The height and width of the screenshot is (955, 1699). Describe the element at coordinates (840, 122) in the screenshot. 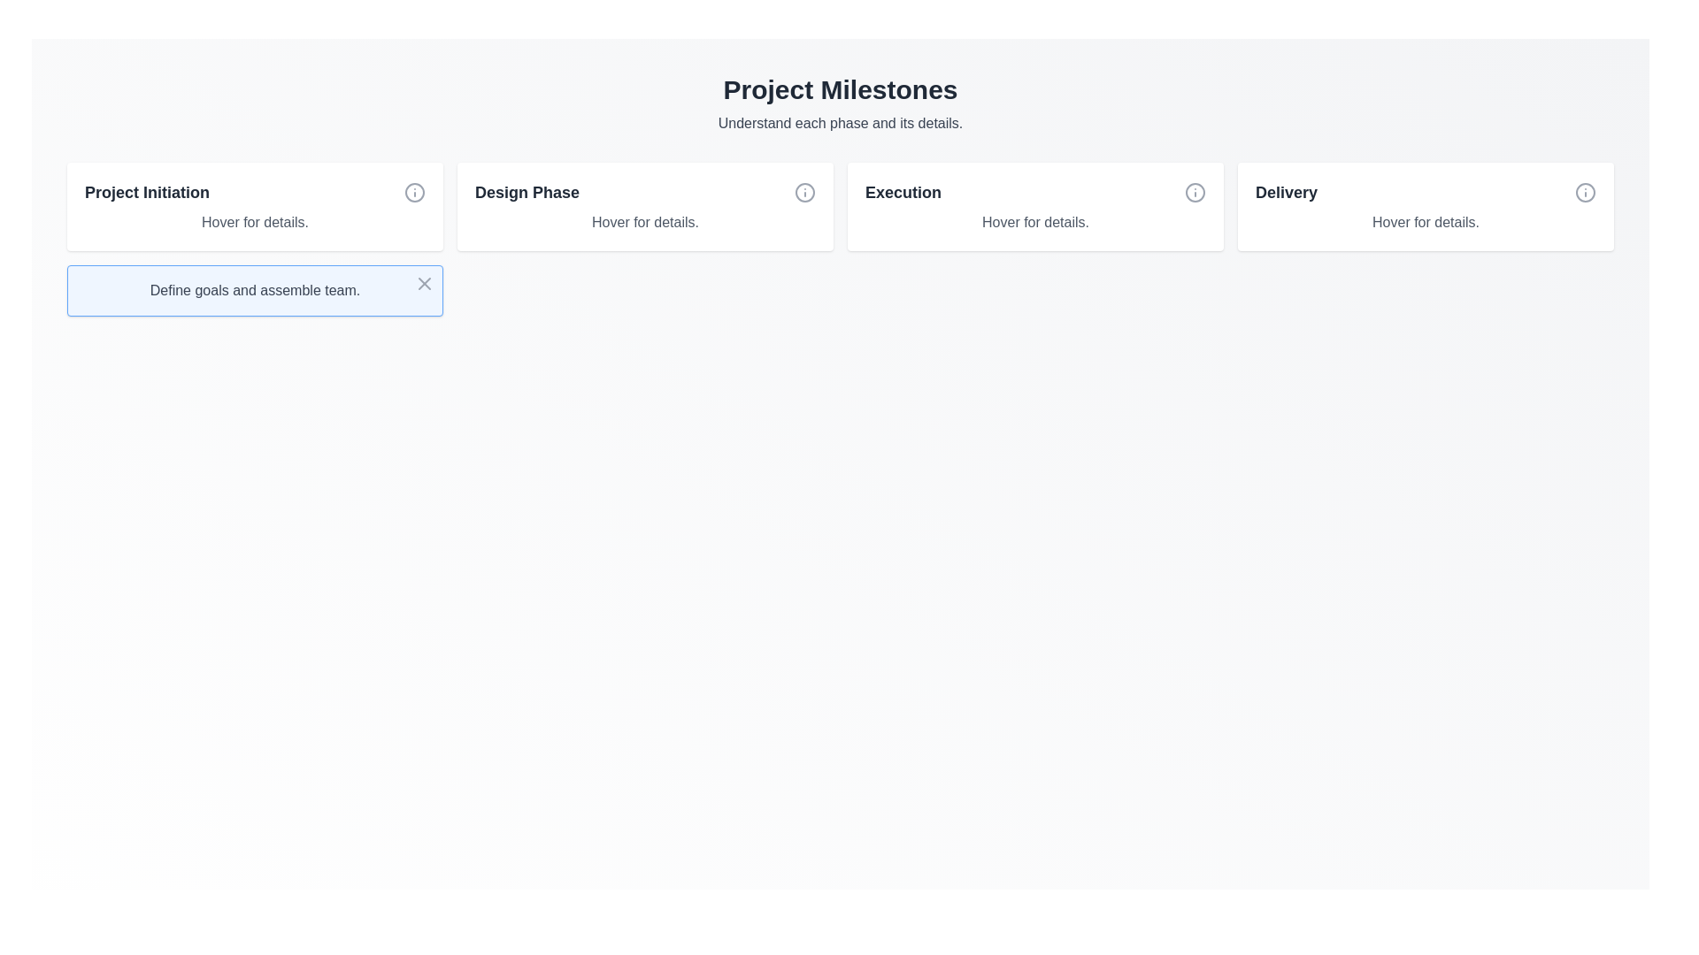

I see `the supporting text label that provides guidance related to the 'Project Milestones' header, located directly beneath it and centered horizontally` at that location.